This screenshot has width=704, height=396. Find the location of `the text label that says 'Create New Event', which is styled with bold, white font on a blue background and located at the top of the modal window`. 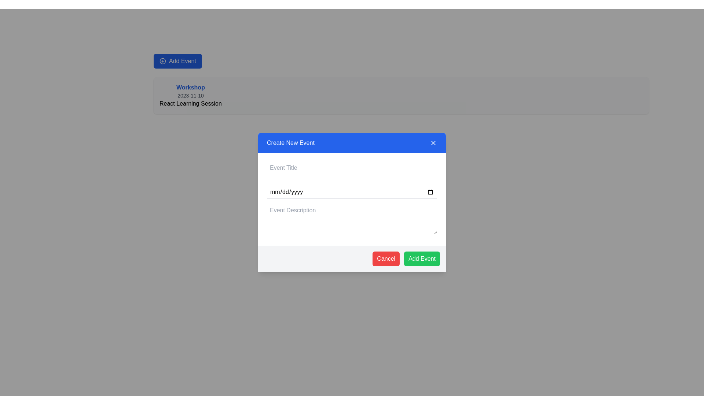

the text label that says 'Create New Event', which is styled with bold, white font on a blue background and located at the top of the modal window is located at coordinates (290, 143).